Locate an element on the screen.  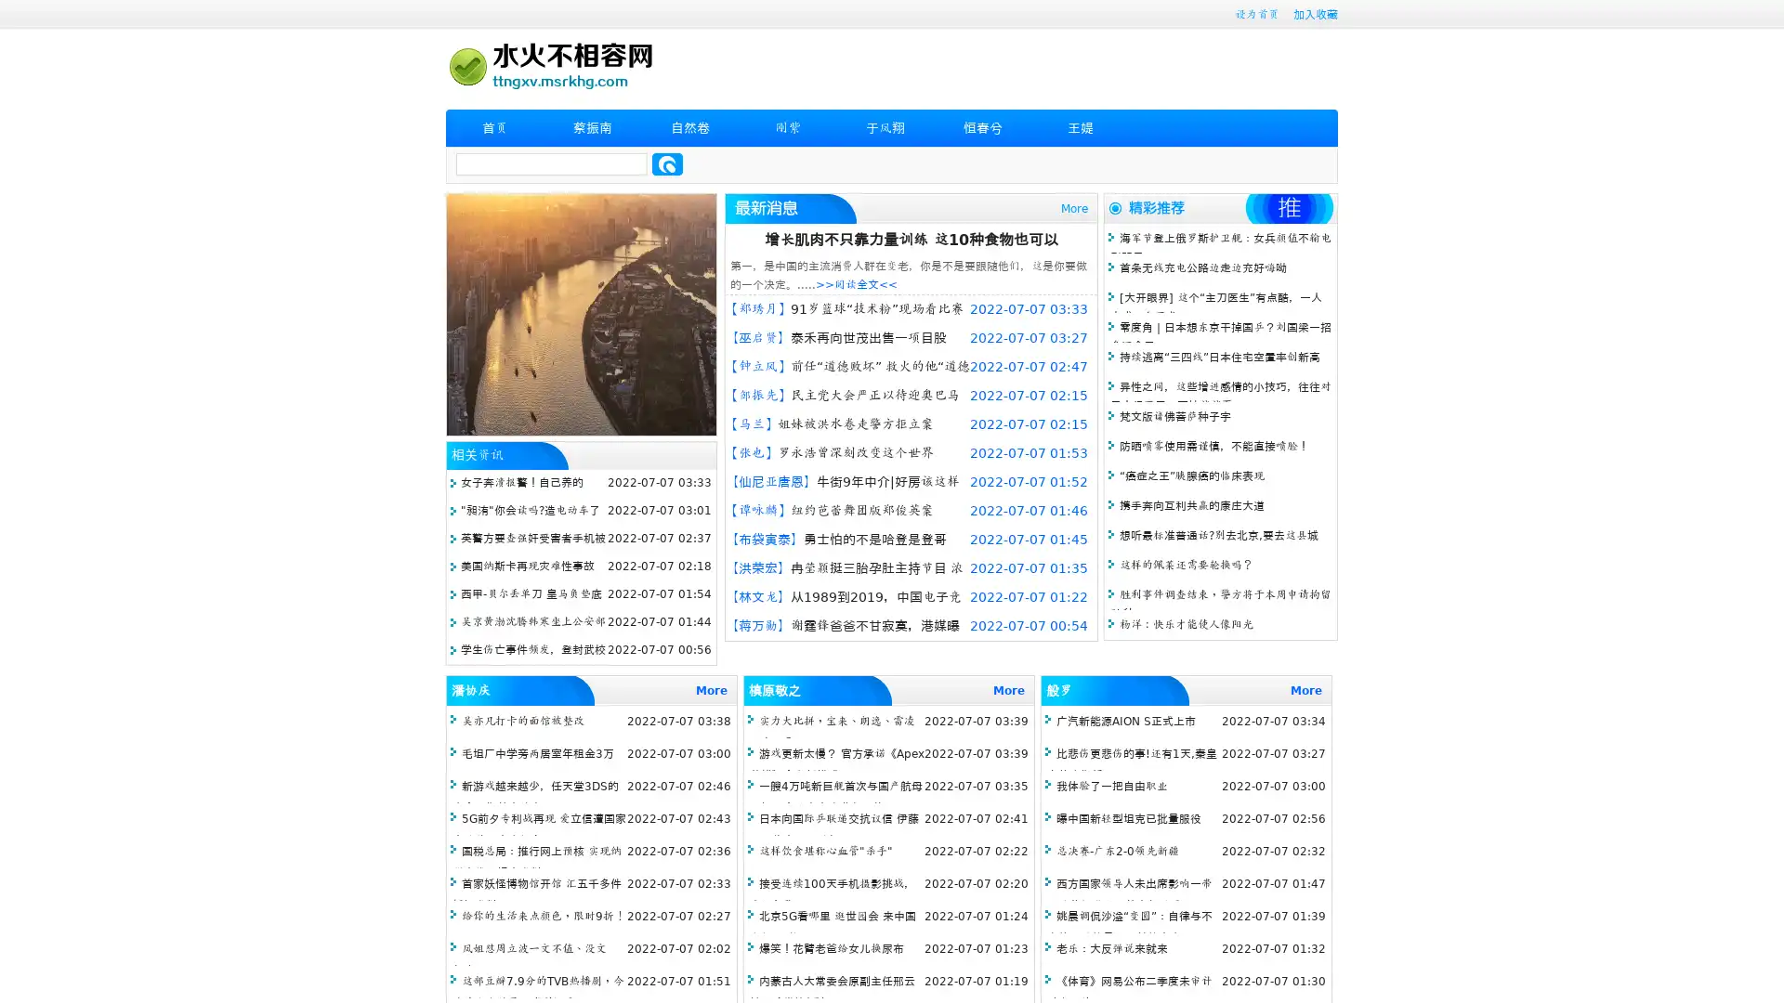
Search is located at coordinates (667, 163).